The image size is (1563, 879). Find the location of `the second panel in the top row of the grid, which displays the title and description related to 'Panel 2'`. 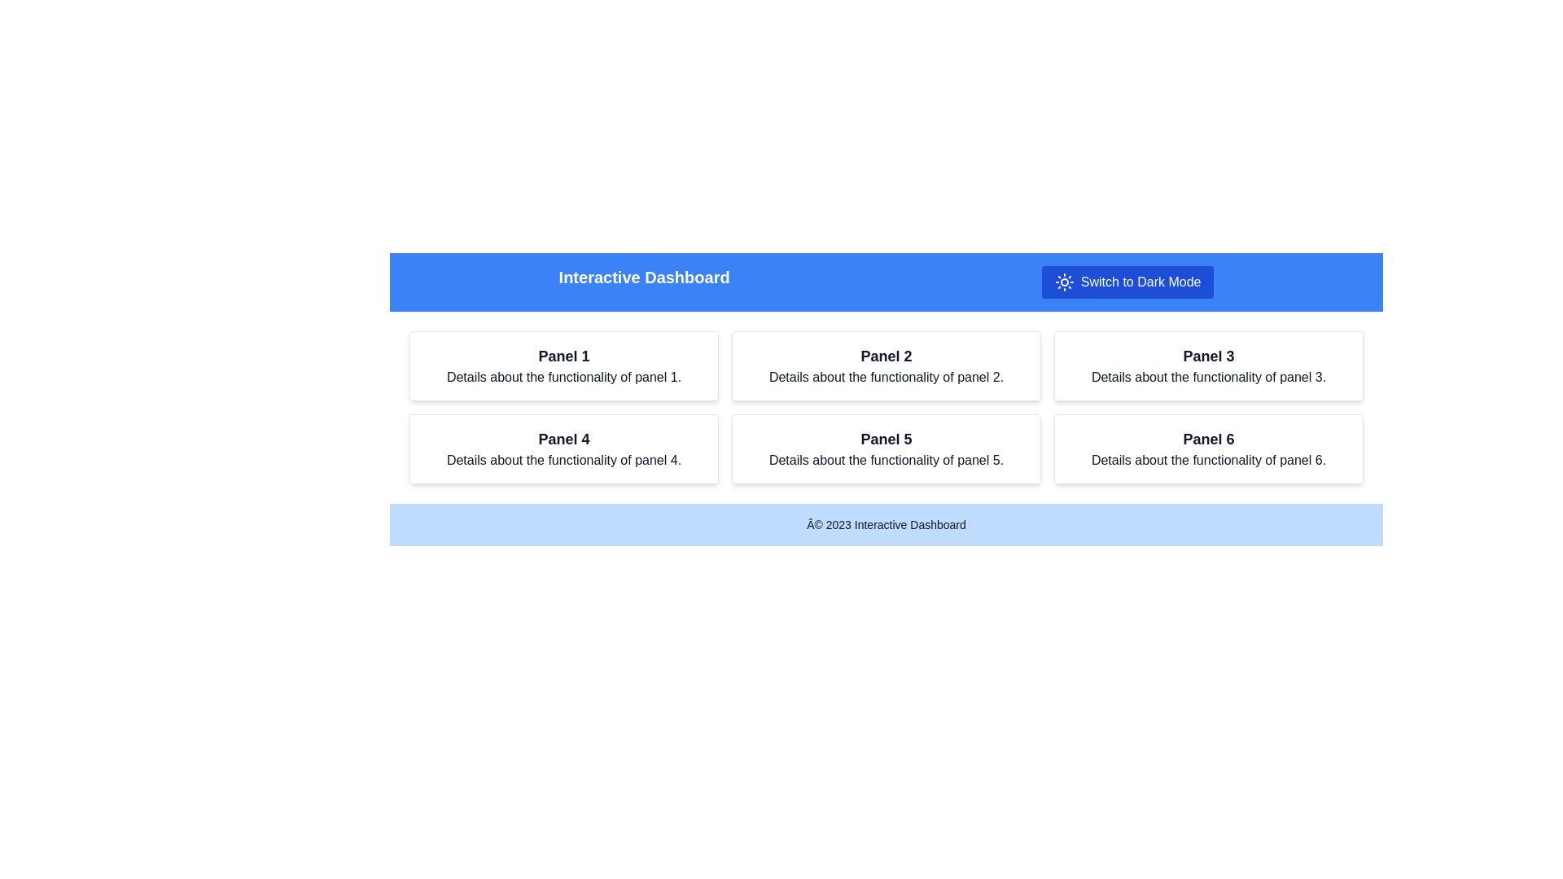

the second panel in the top row of the grid, which displays the title and description related to 'Panel 2' is located at coordinates (886, 366).